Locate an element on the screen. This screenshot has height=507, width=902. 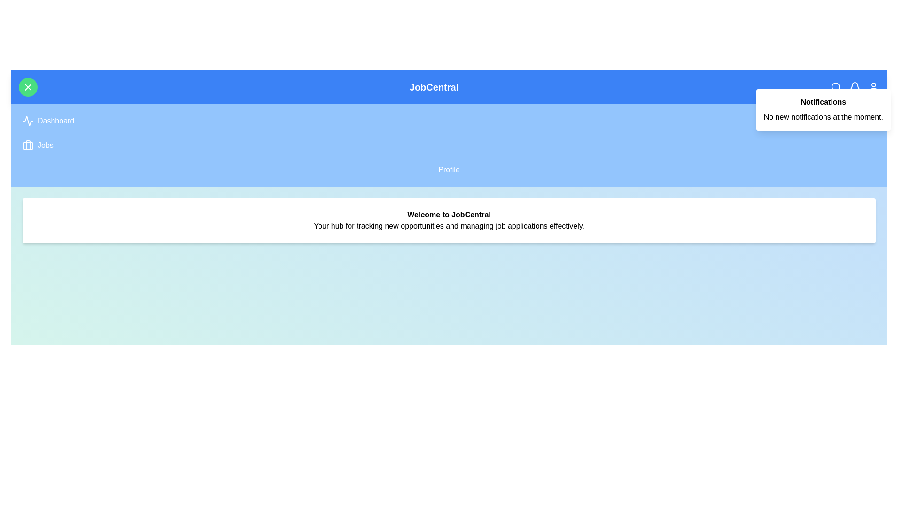
the search icon to initiate a search is located at coordinates (836, 87).